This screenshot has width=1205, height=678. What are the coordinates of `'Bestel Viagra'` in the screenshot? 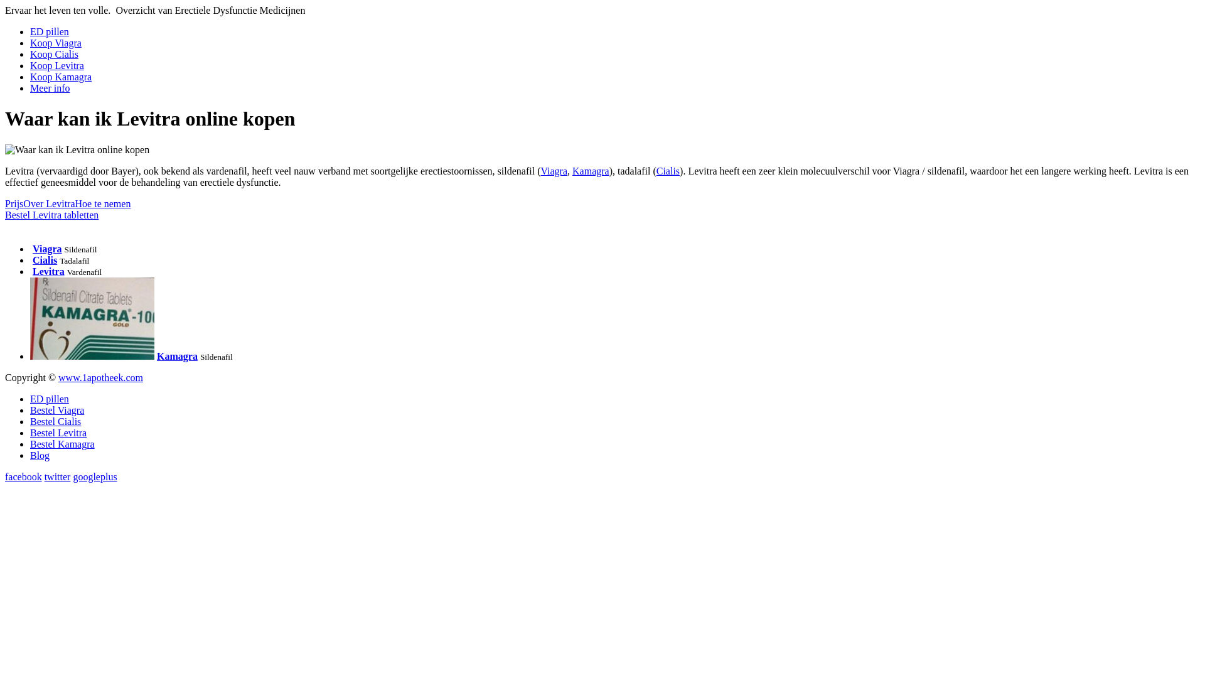 It's located at (30, 410).